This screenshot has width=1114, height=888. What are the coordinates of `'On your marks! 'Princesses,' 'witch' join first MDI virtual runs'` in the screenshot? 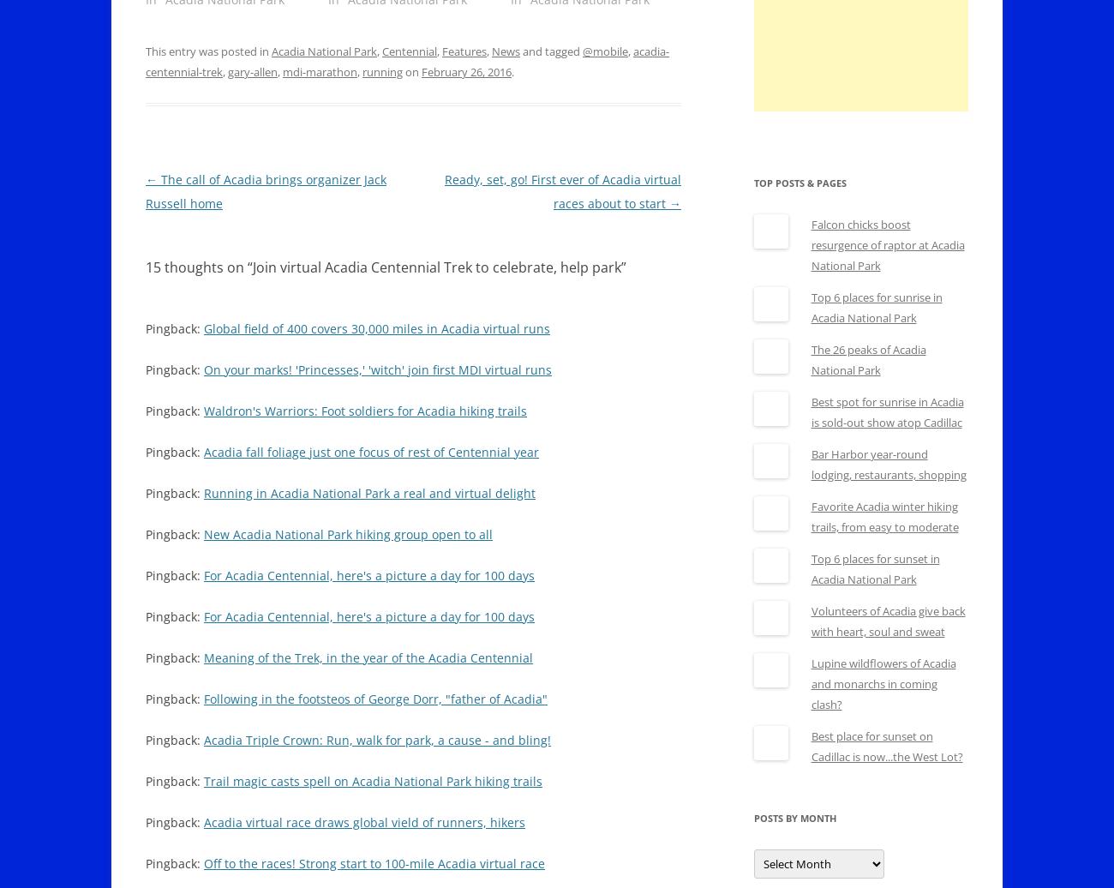 It's located at (376, 369).